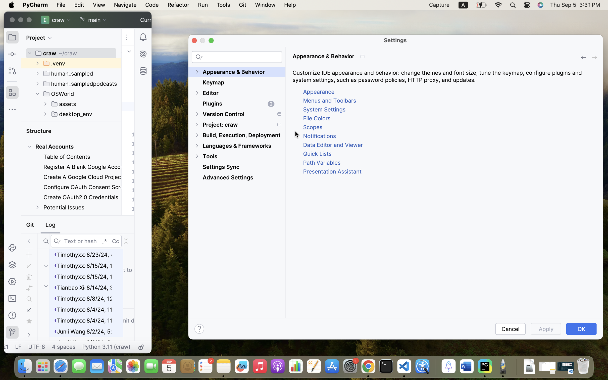 This screenshot has width=608, height=380. What do you see at coordinates (435, 366) in the screenshot?
I see `'0.4285714328289032'` at bounding box center [435, 366].